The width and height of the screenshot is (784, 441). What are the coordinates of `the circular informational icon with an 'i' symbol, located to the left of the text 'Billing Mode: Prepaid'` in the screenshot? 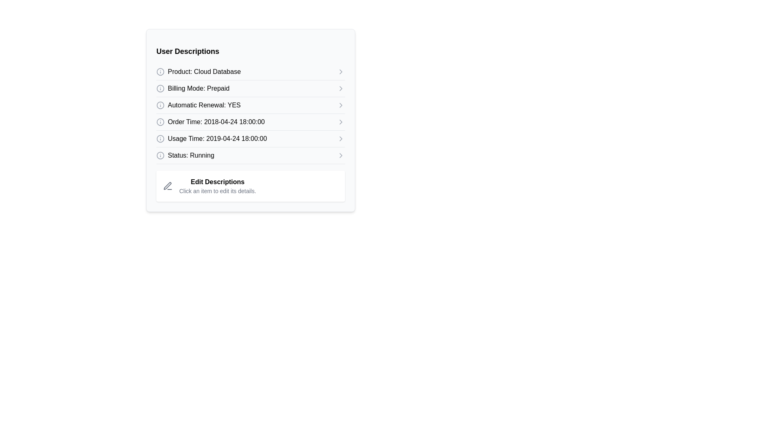 It's located at (160, 88).